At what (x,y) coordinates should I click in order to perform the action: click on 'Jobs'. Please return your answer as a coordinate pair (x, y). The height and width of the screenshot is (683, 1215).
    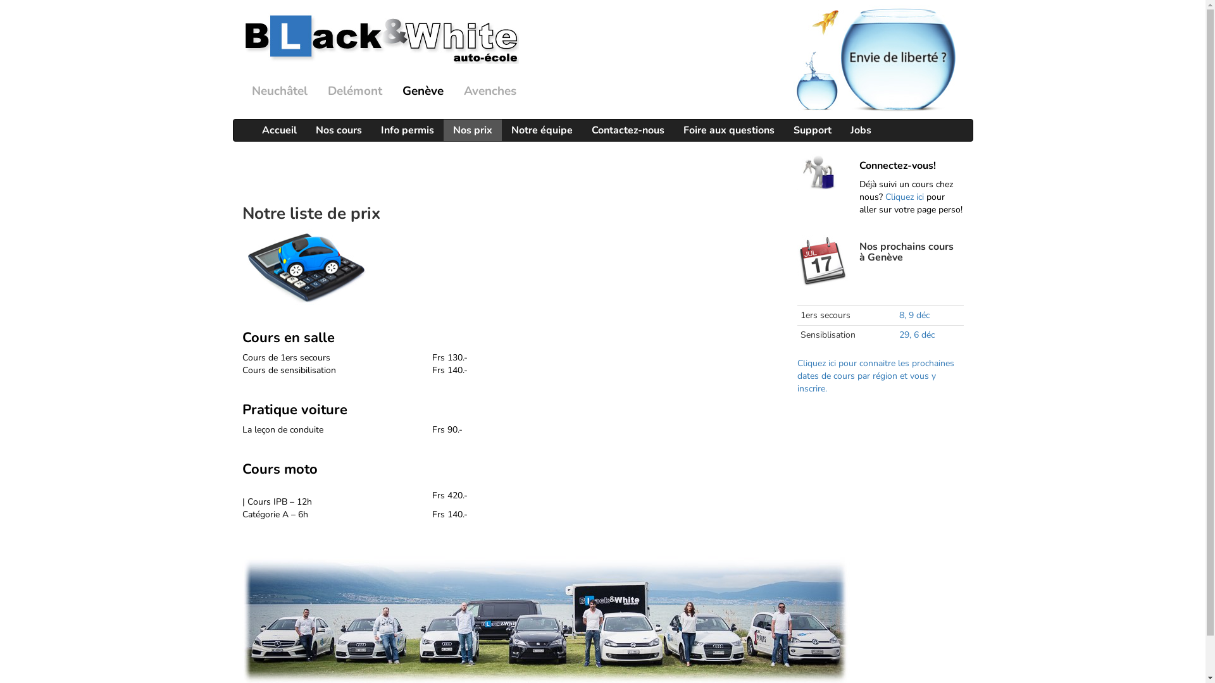
    Looking at the image, I should click on (860, 130).